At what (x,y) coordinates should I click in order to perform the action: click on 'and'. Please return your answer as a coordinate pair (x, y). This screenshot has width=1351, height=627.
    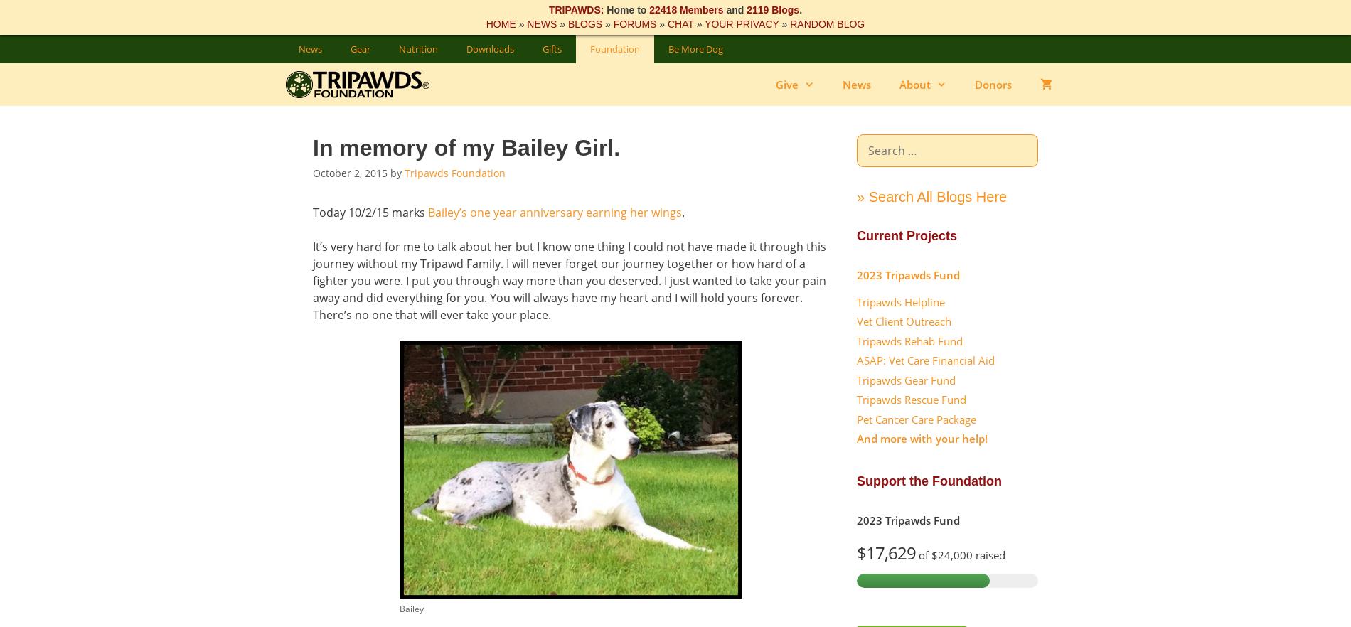
    Looking at the image, I should click on (723, 10).